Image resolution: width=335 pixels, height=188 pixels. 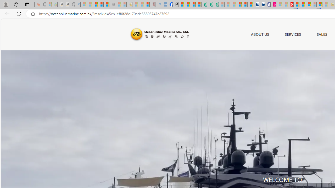 I want to click on 'LendingTree - Compare Lenders', so click(x=204, y=4).